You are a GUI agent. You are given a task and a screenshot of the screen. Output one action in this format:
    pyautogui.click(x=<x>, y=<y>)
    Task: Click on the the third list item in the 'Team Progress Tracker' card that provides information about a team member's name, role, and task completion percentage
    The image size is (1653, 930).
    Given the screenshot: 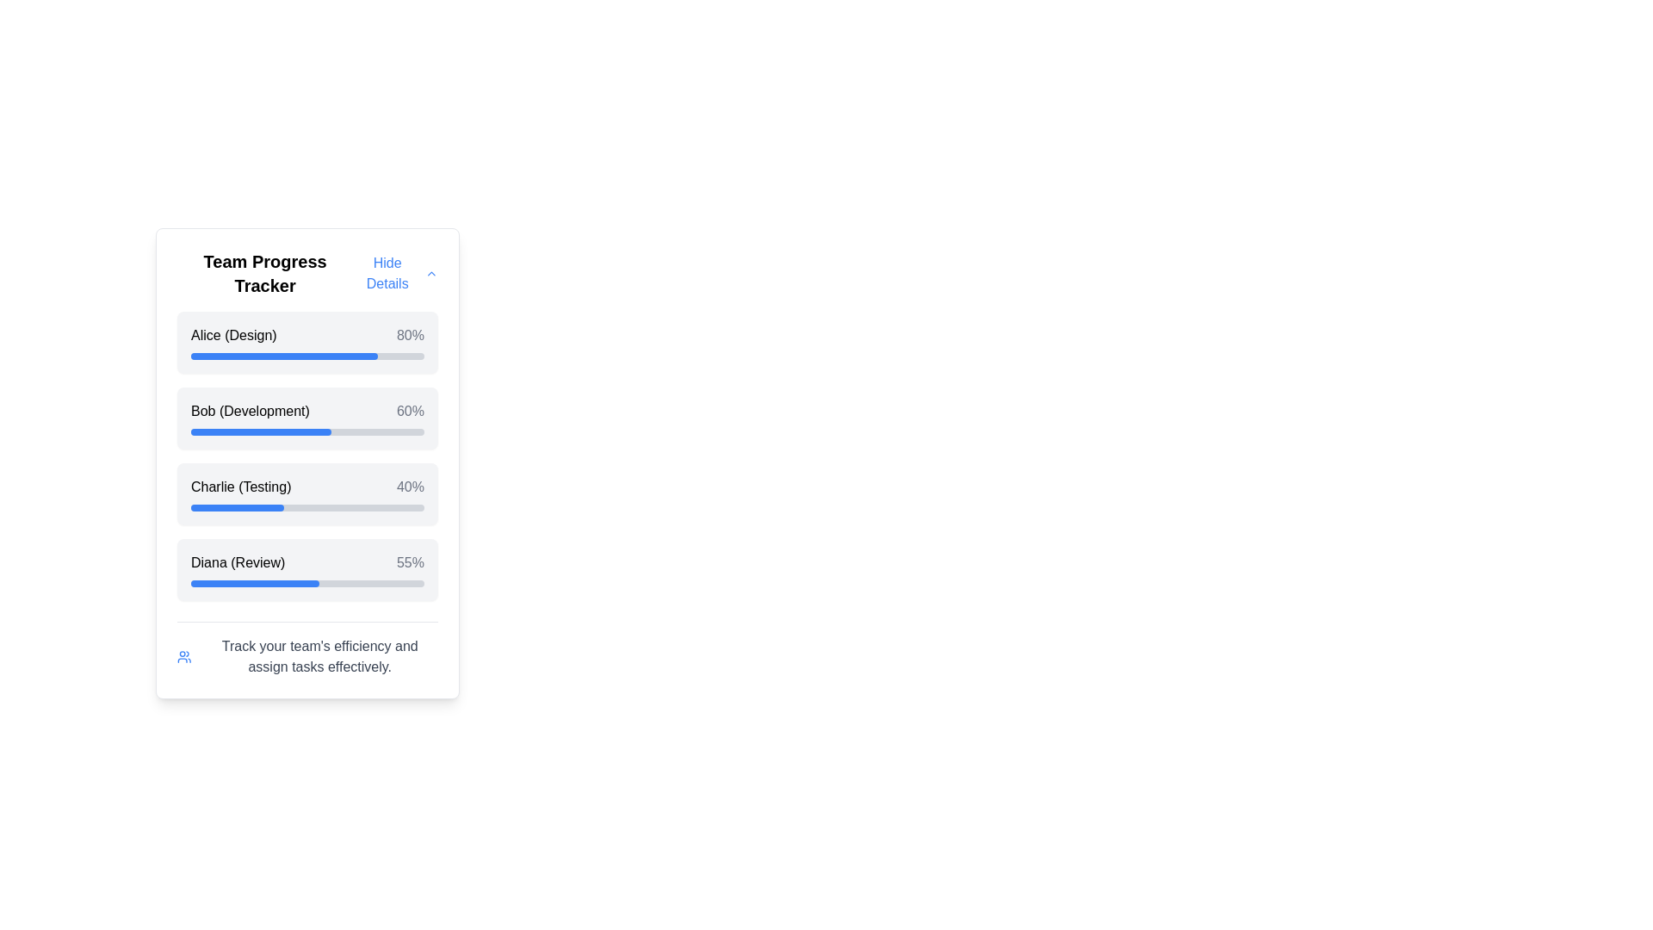 What is the action you would take?
    pyautogui.click(x=307, y=487)
    